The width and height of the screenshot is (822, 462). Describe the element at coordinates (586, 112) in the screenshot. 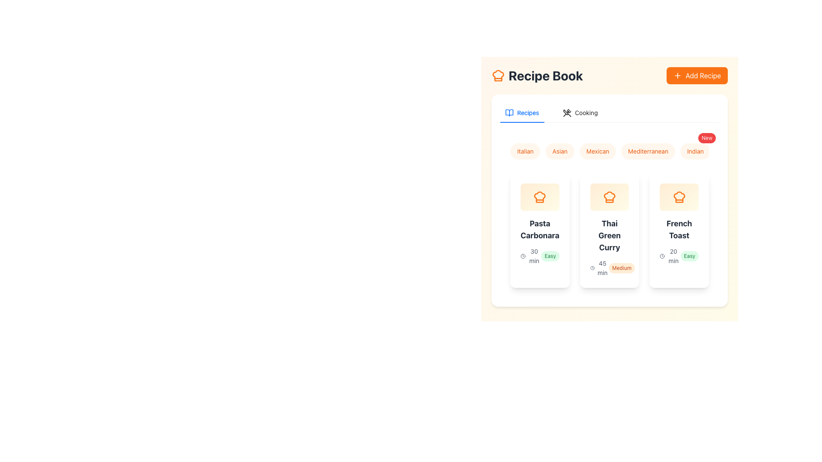

I see `the text label displaying 'Cooking' located in the top bar next` at that location.